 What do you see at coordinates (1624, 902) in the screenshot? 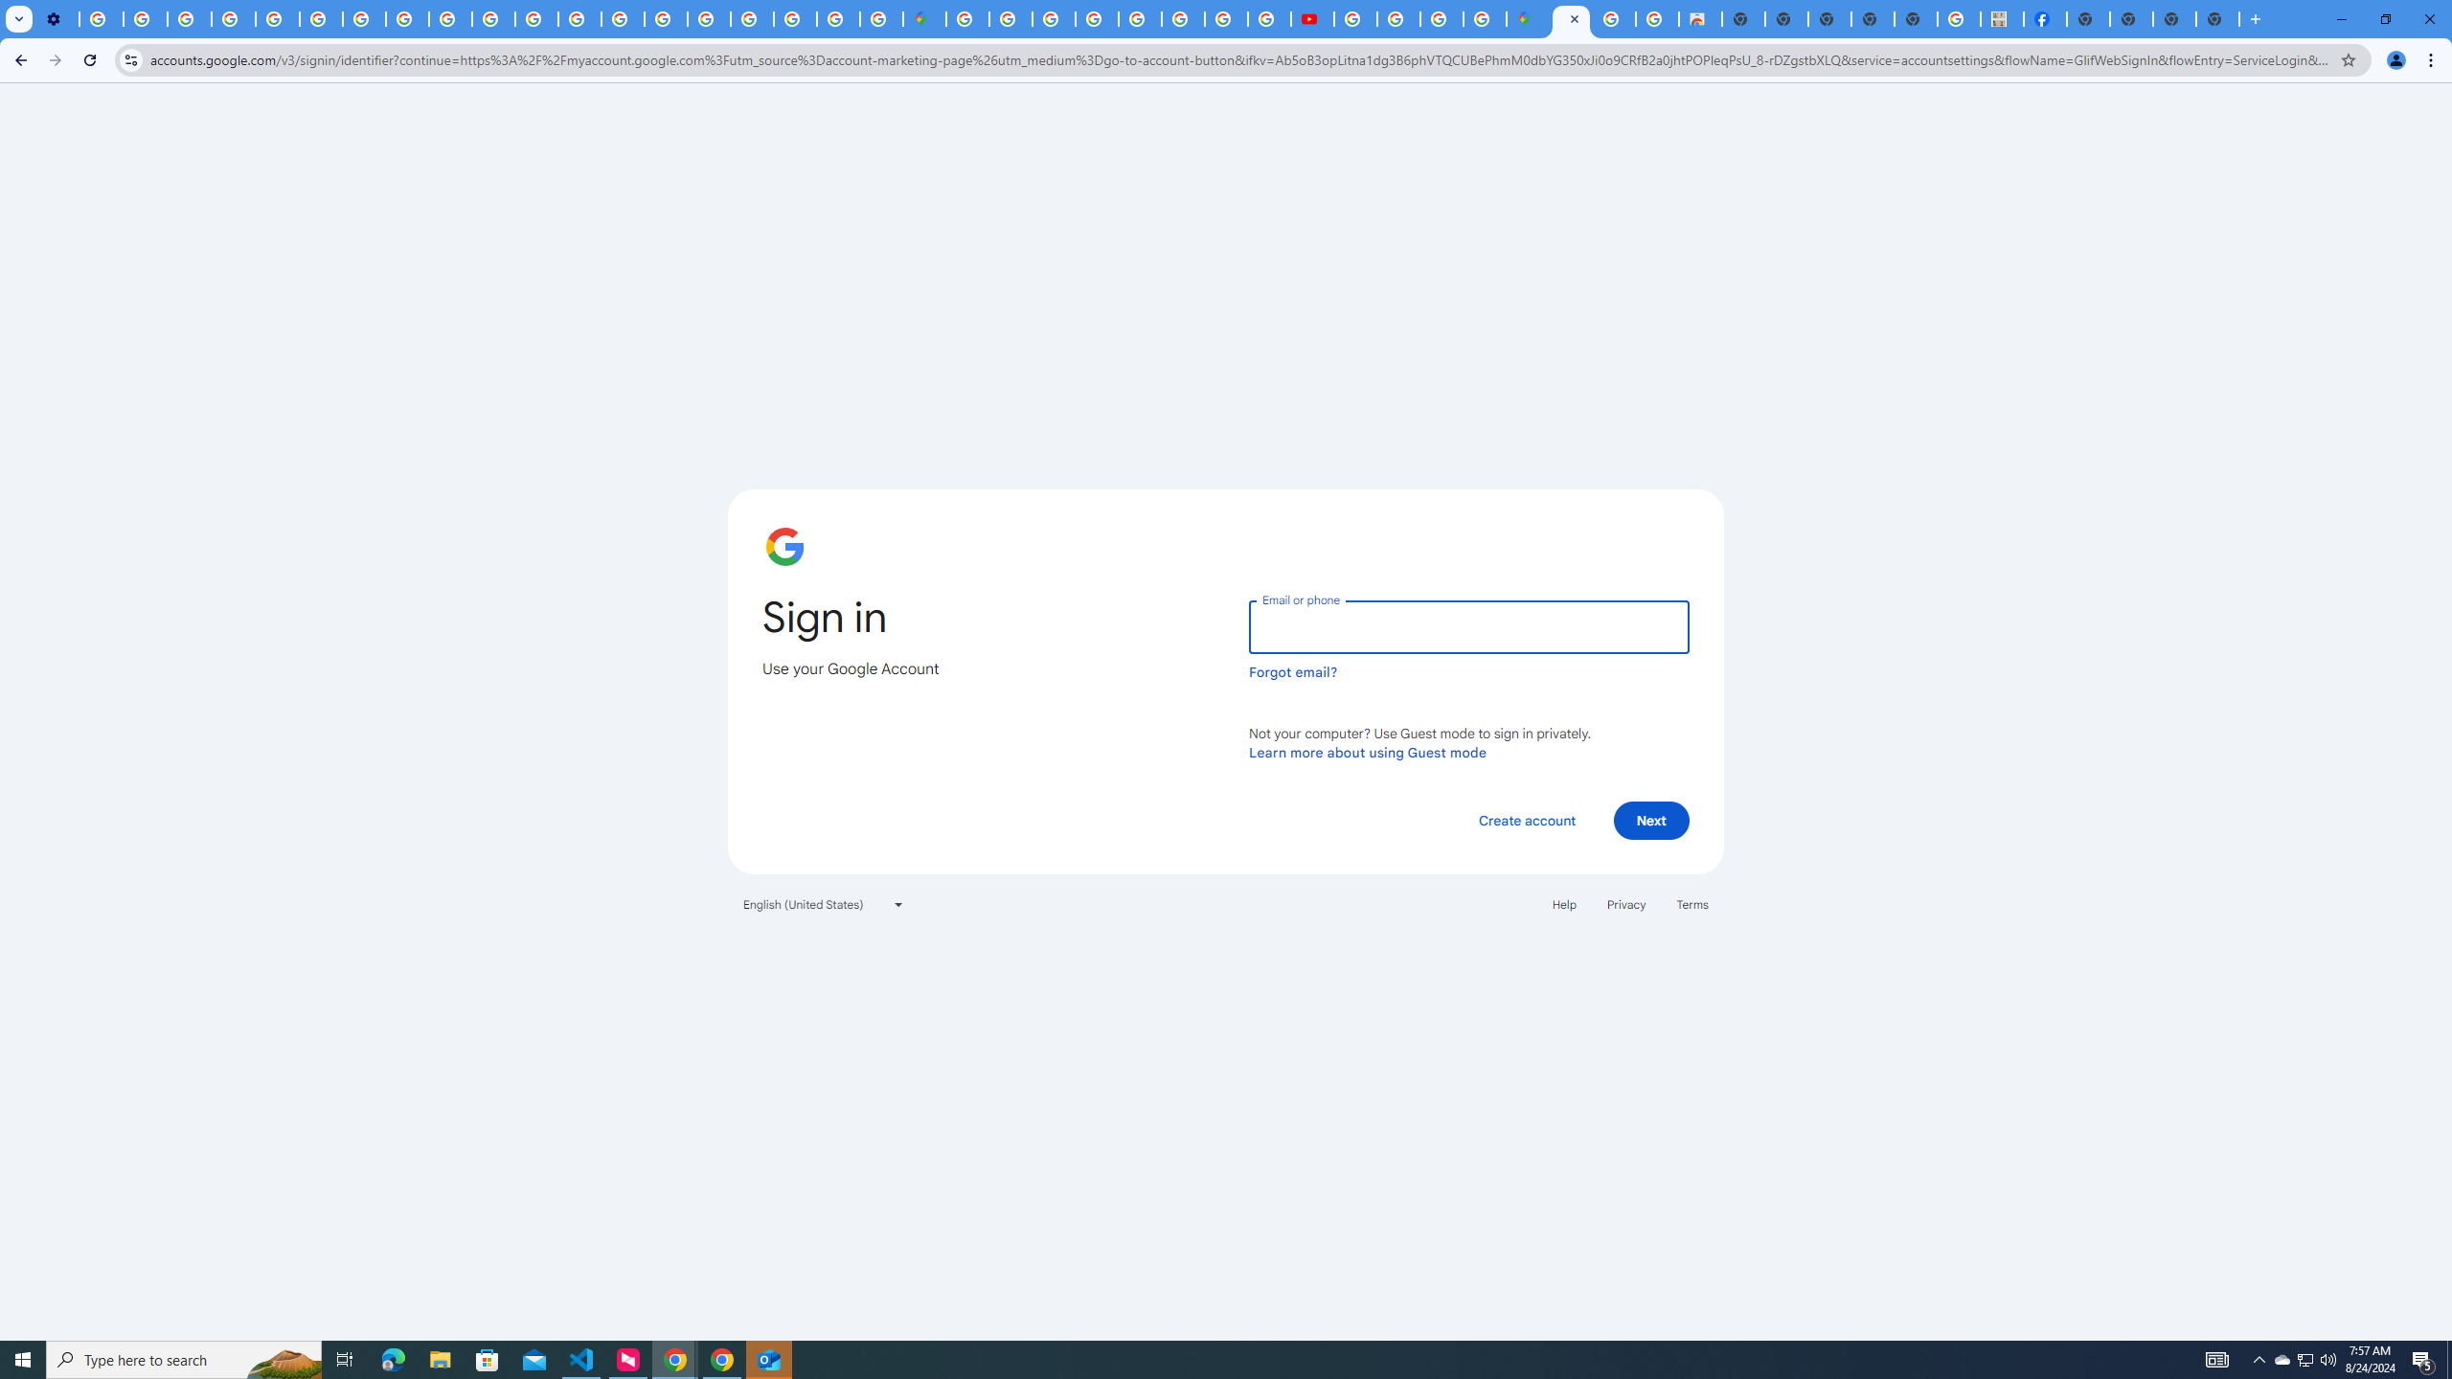
I see `'Privacy'` at bounding box center [1624, 902].